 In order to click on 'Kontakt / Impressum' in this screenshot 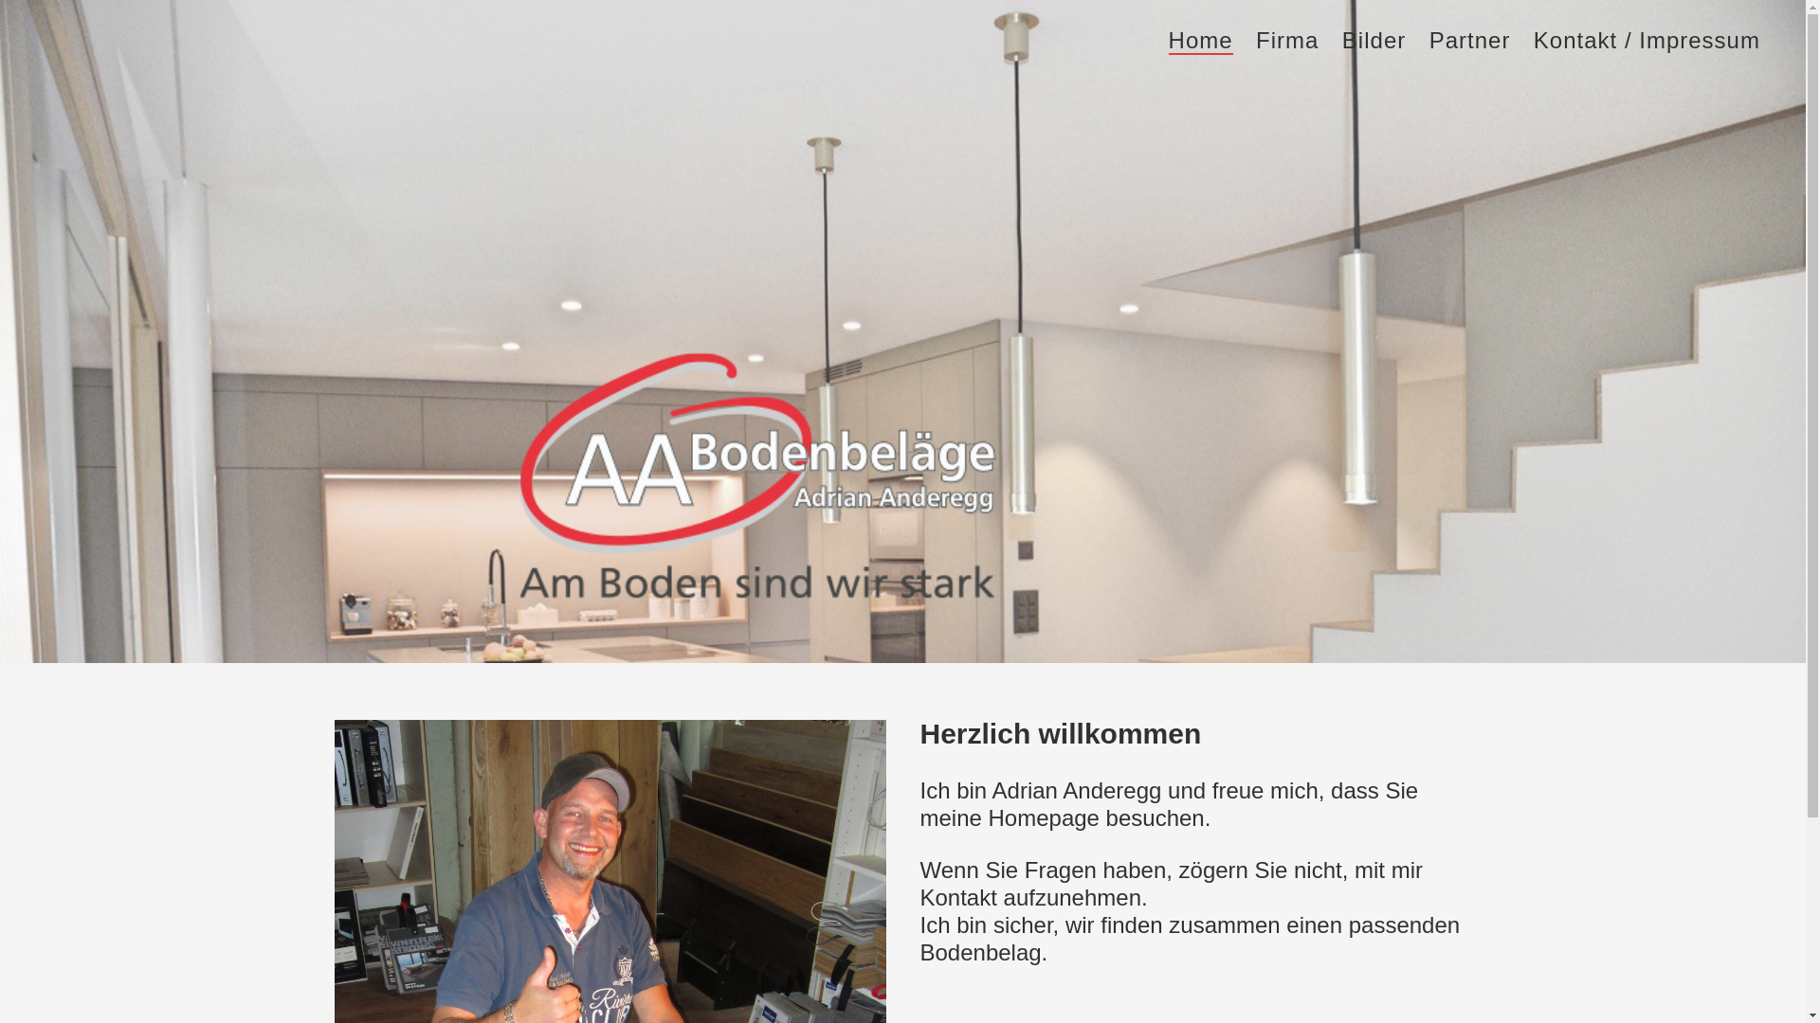, I will do `click(1646, 41)`.